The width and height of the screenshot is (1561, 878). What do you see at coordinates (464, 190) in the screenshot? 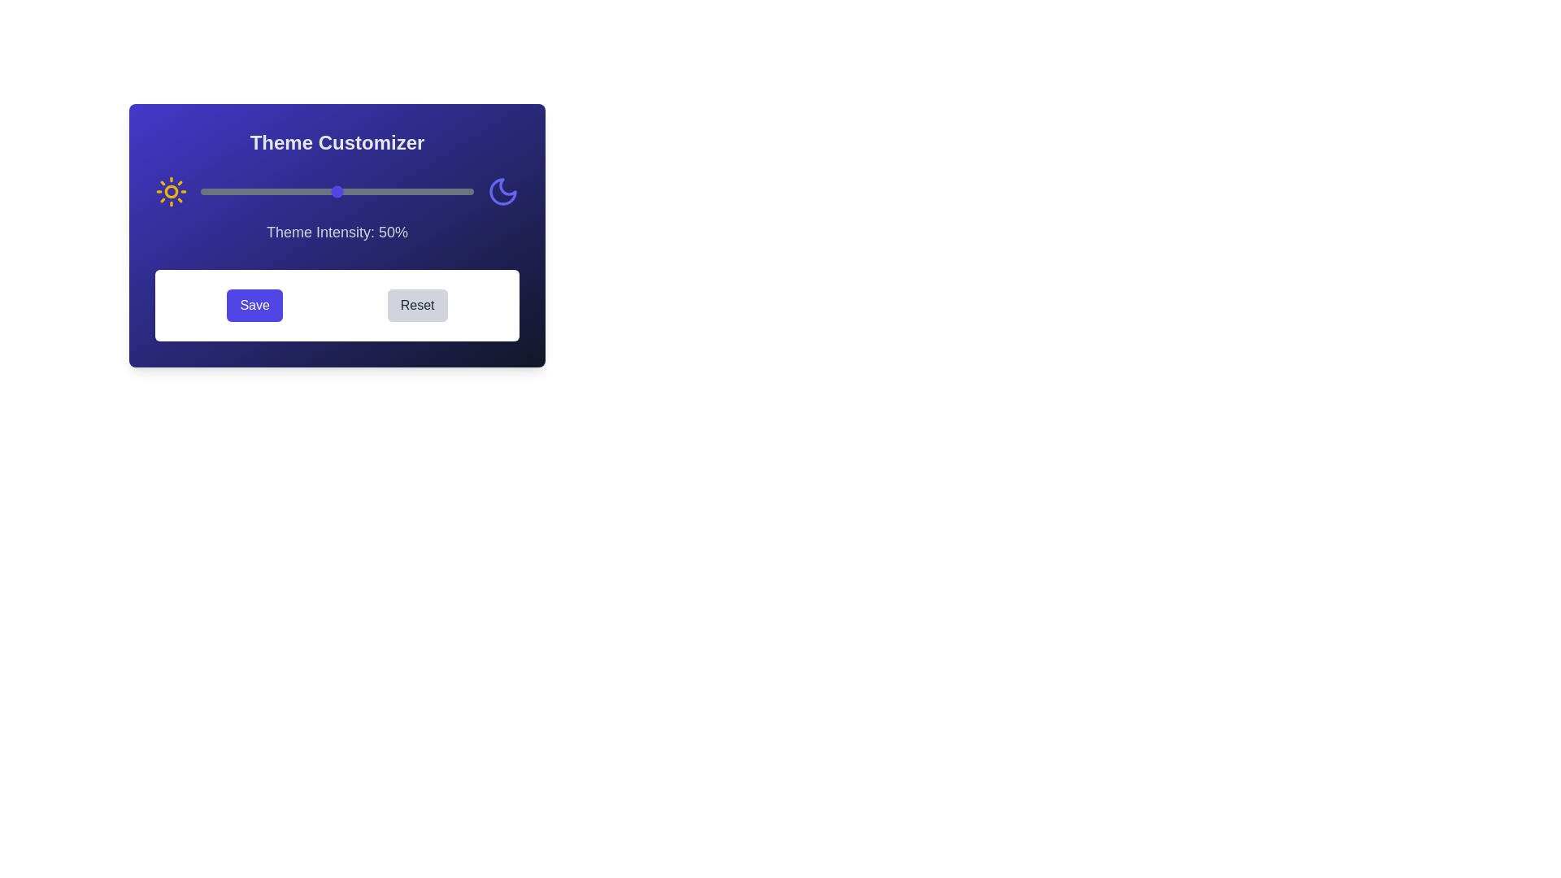
I see `the theme intensity slider to 97%` at bounding box center [464, 190].